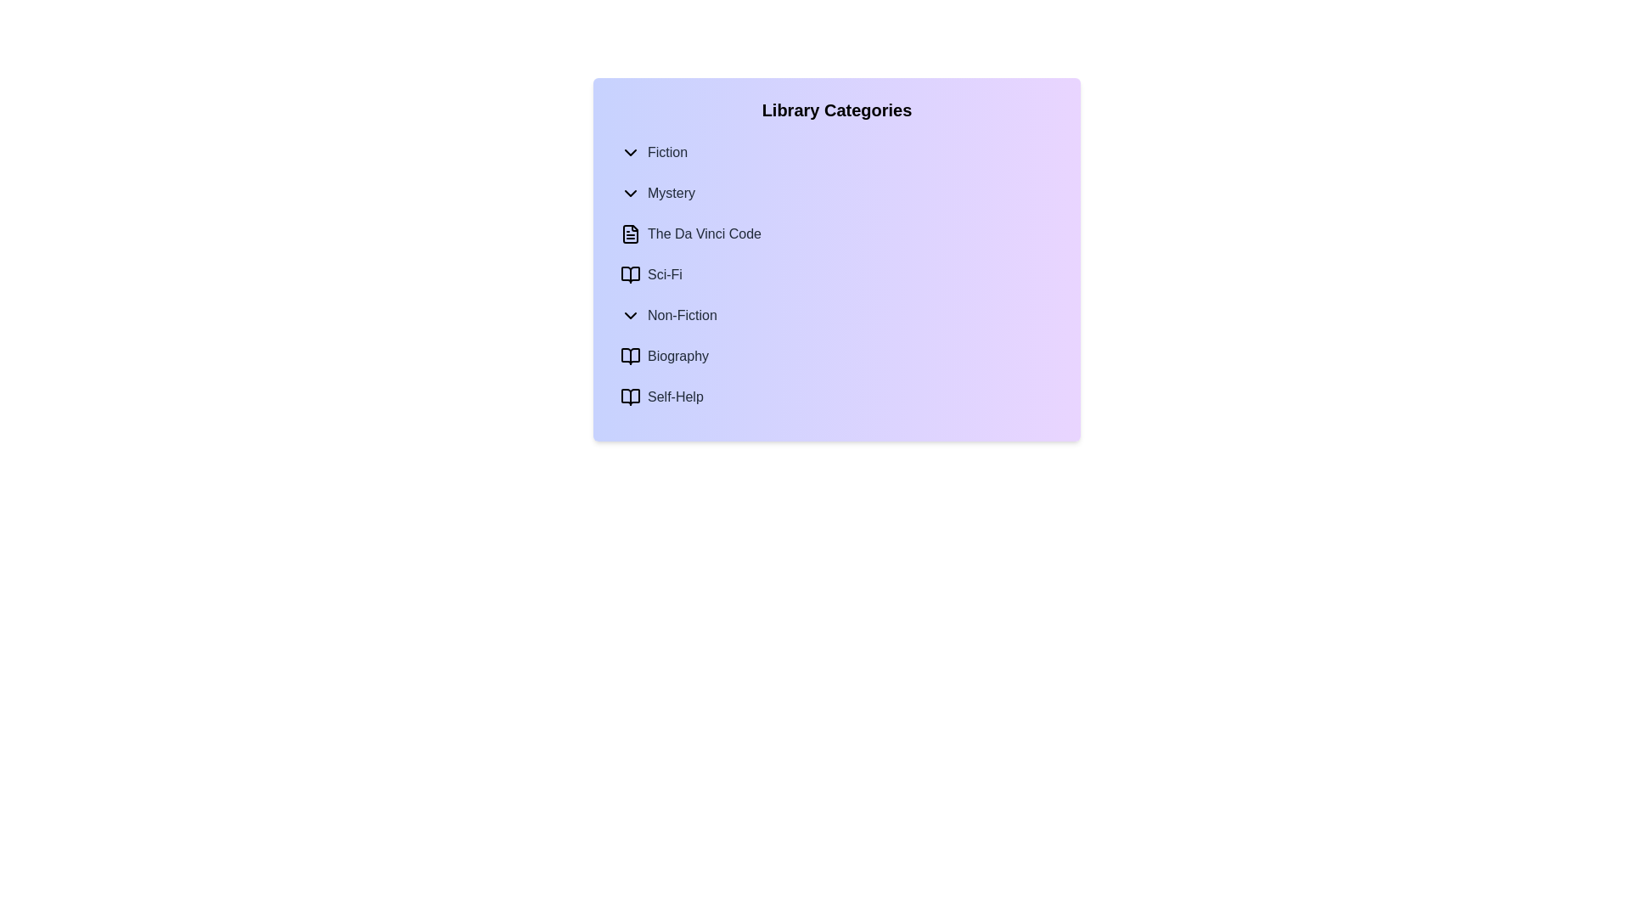 Image resolution: width=1630 pixels, height=917 pixels. What do you see at coordinates (630, 397) in the screenshot?
I see `the 'Self-Help' category icon located to the left of the label within the library categories list` at bounding box center [630, 397].